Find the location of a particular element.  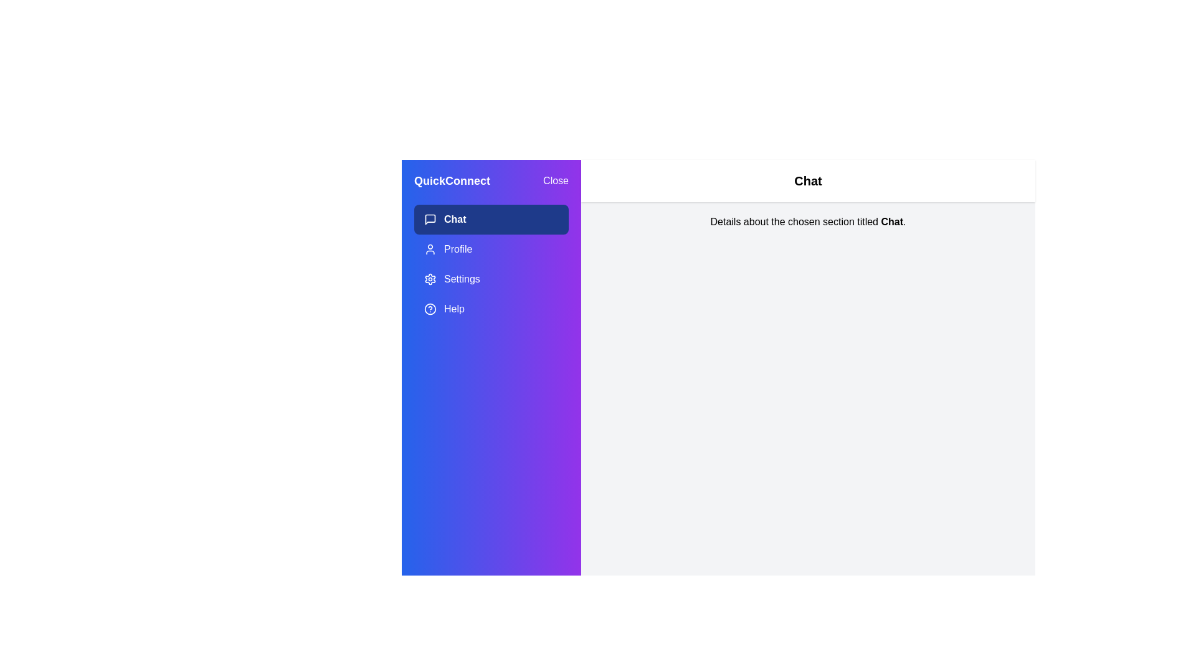

the Help section in the menu is located at coordinates (490, 309).